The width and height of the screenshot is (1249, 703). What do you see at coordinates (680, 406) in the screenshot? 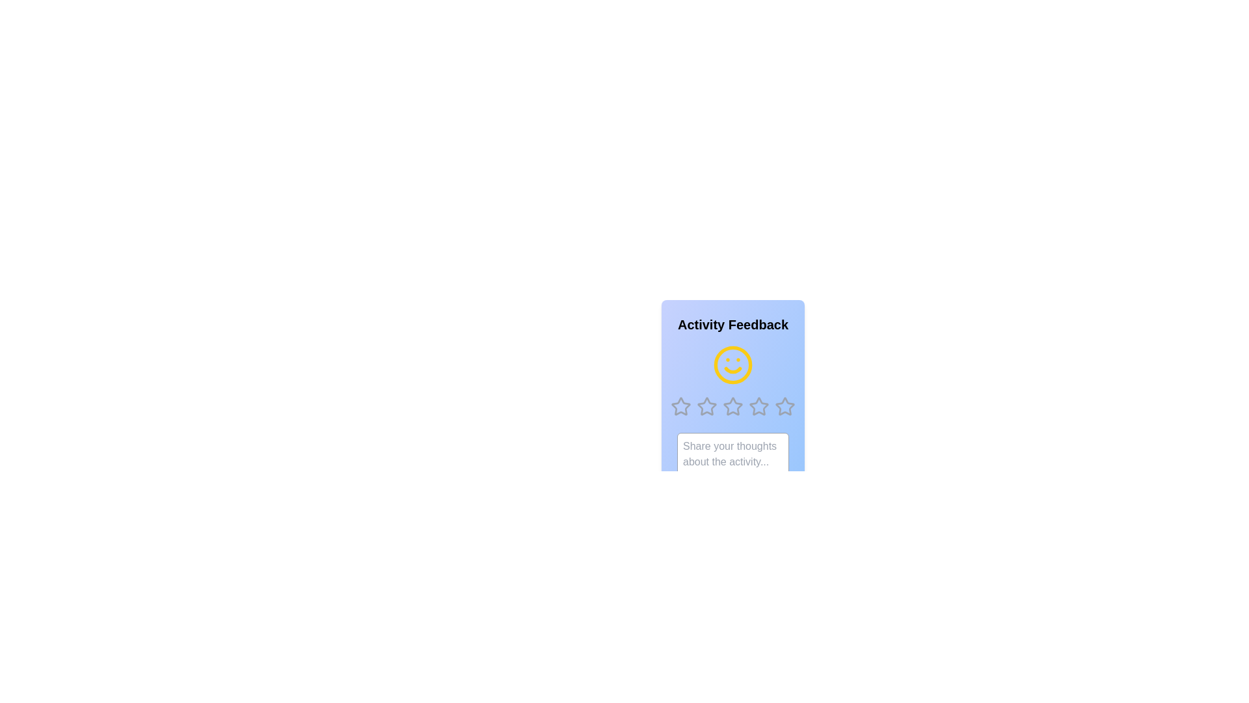
I see `the first rating star icon` at bounding box center [680, 406].